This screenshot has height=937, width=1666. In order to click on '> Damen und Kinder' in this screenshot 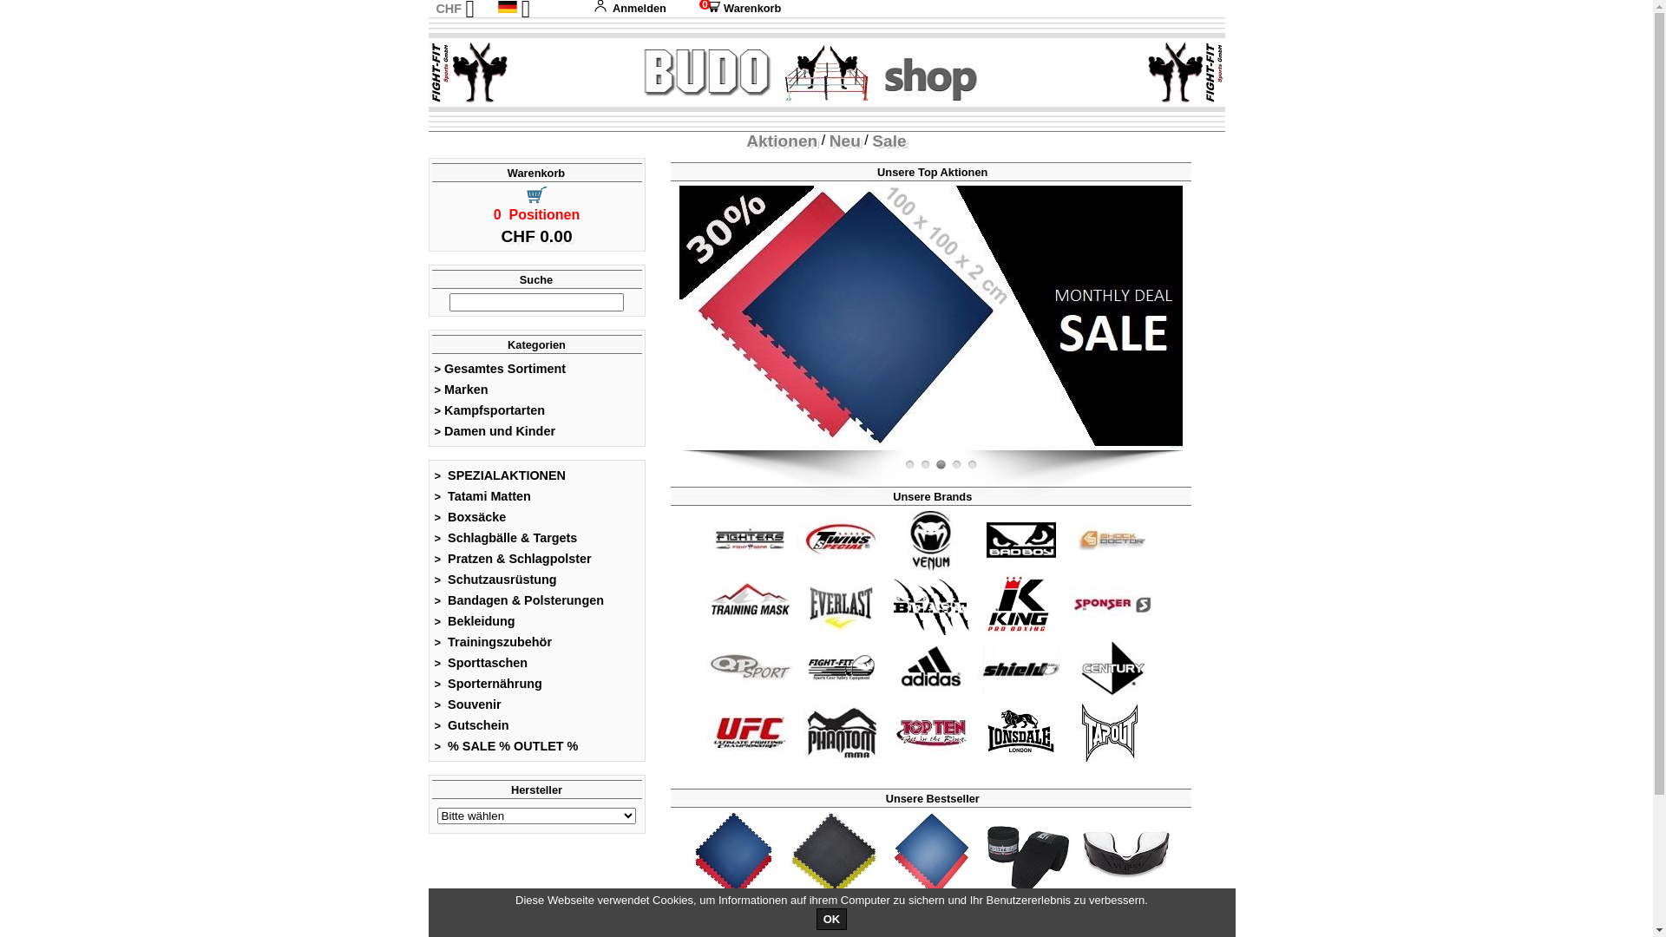, I will do `click(494, 430)`.